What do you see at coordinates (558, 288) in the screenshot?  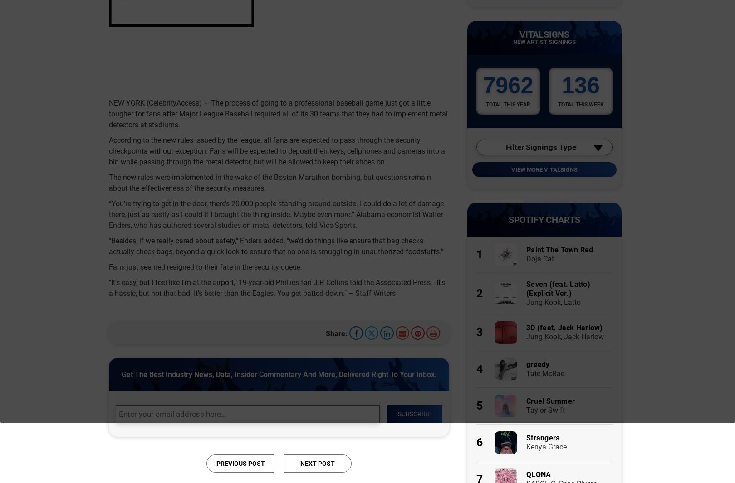 I see `'Seven (feat. Latto) (Explicit Ver.)'` at bounding box center [558, 288].